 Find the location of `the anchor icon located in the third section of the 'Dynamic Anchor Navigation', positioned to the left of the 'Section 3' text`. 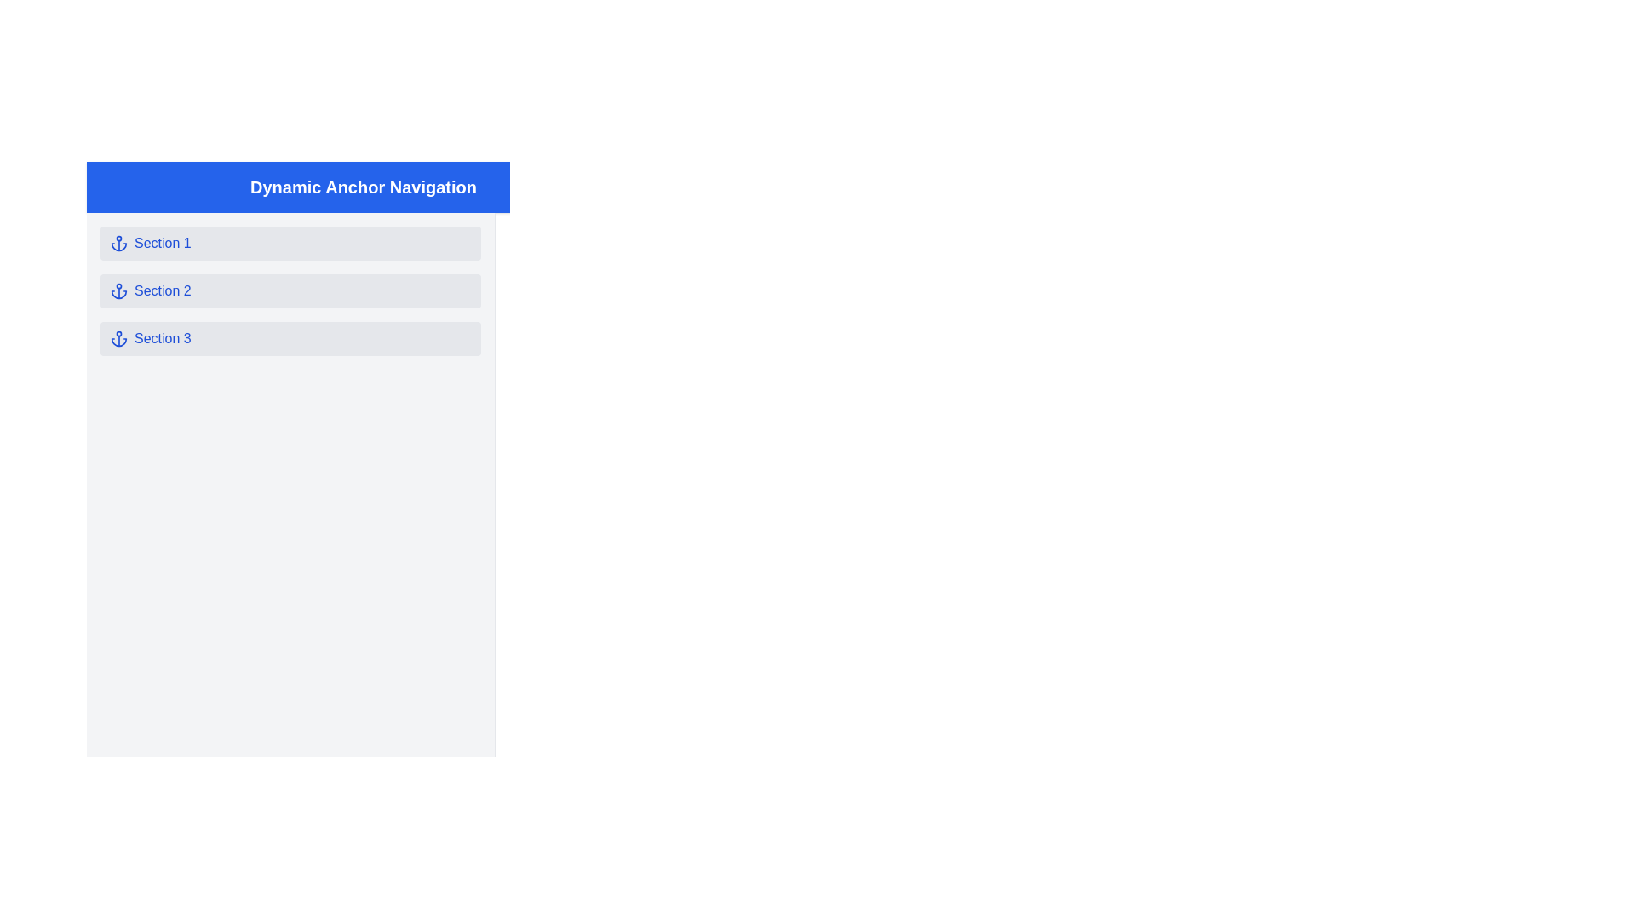

the anchor icon located in the third section of the 'Dynamic Anchor Navigation', positioned to the left of the 'Section 3' text is located at coordinates (118, 338).